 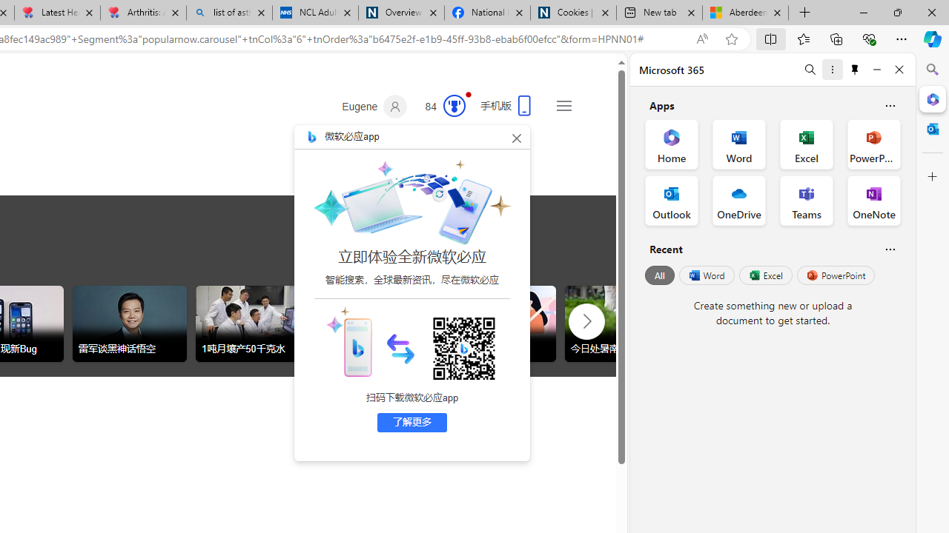 What do you see at coordinates (454, 104) in the screenshot?
I see `'AutomationID: rh_meter'` at bounding box center [454, 104].